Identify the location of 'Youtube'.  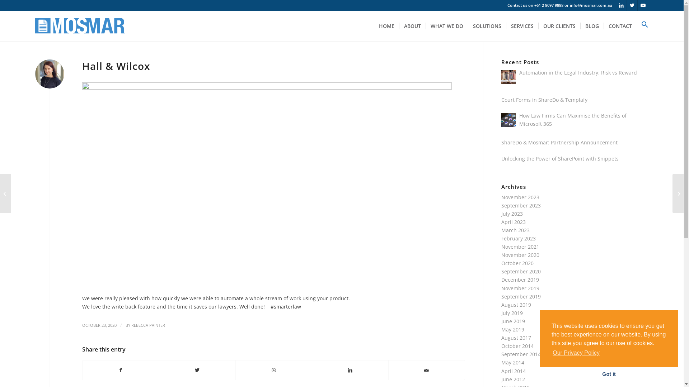
(643, 5).